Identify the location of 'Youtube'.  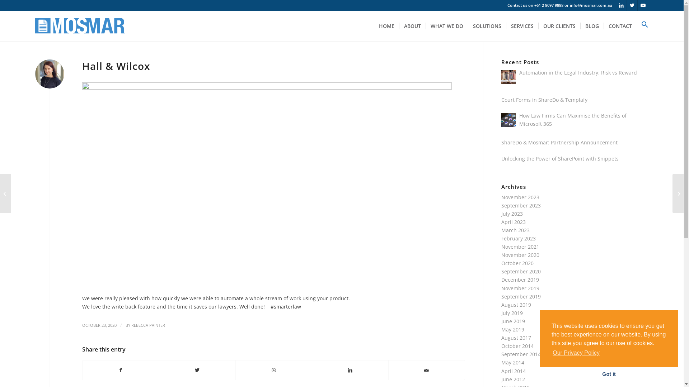
(643, 5).